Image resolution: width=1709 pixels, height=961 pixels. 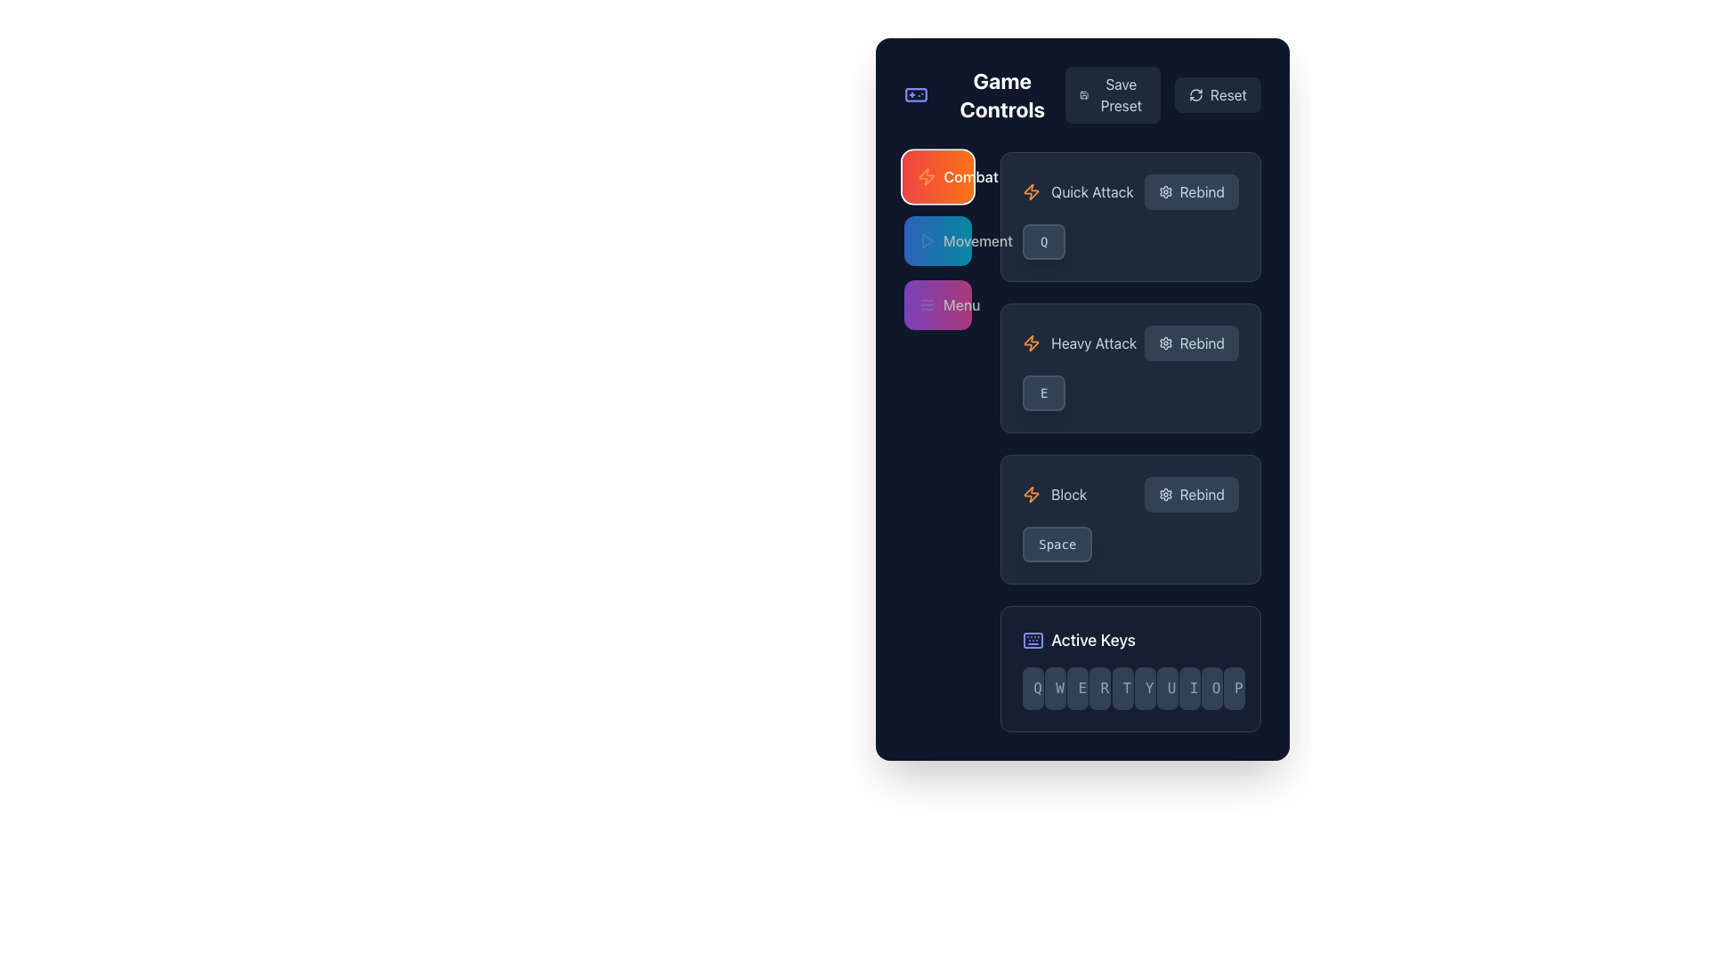 I want to click on the rectangular button with a gray background and rounded corners, displaying the uppercase letter 'E' in light gray font, located in the 'Heavy Attack' section, left of the 'Rebind' button, so click(x=1044, y=392).